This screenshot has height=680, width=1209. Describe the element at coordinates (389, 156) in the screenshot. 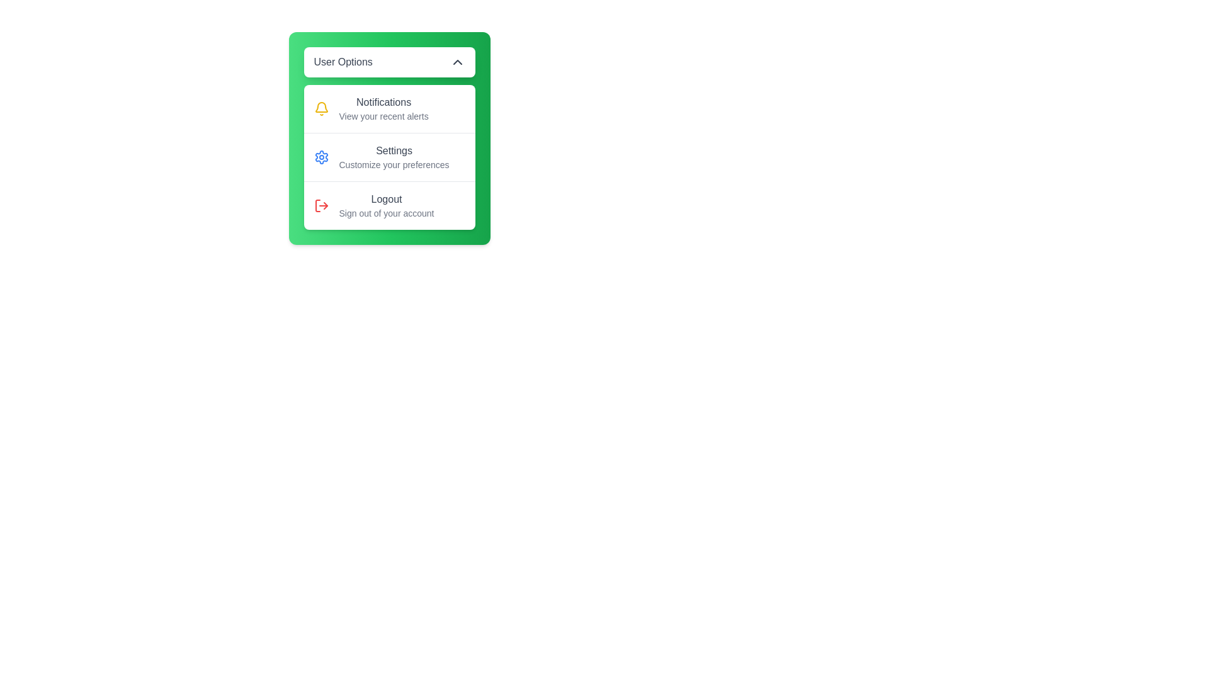

I see `the second item in the navigation menu, which allows users` at that location.